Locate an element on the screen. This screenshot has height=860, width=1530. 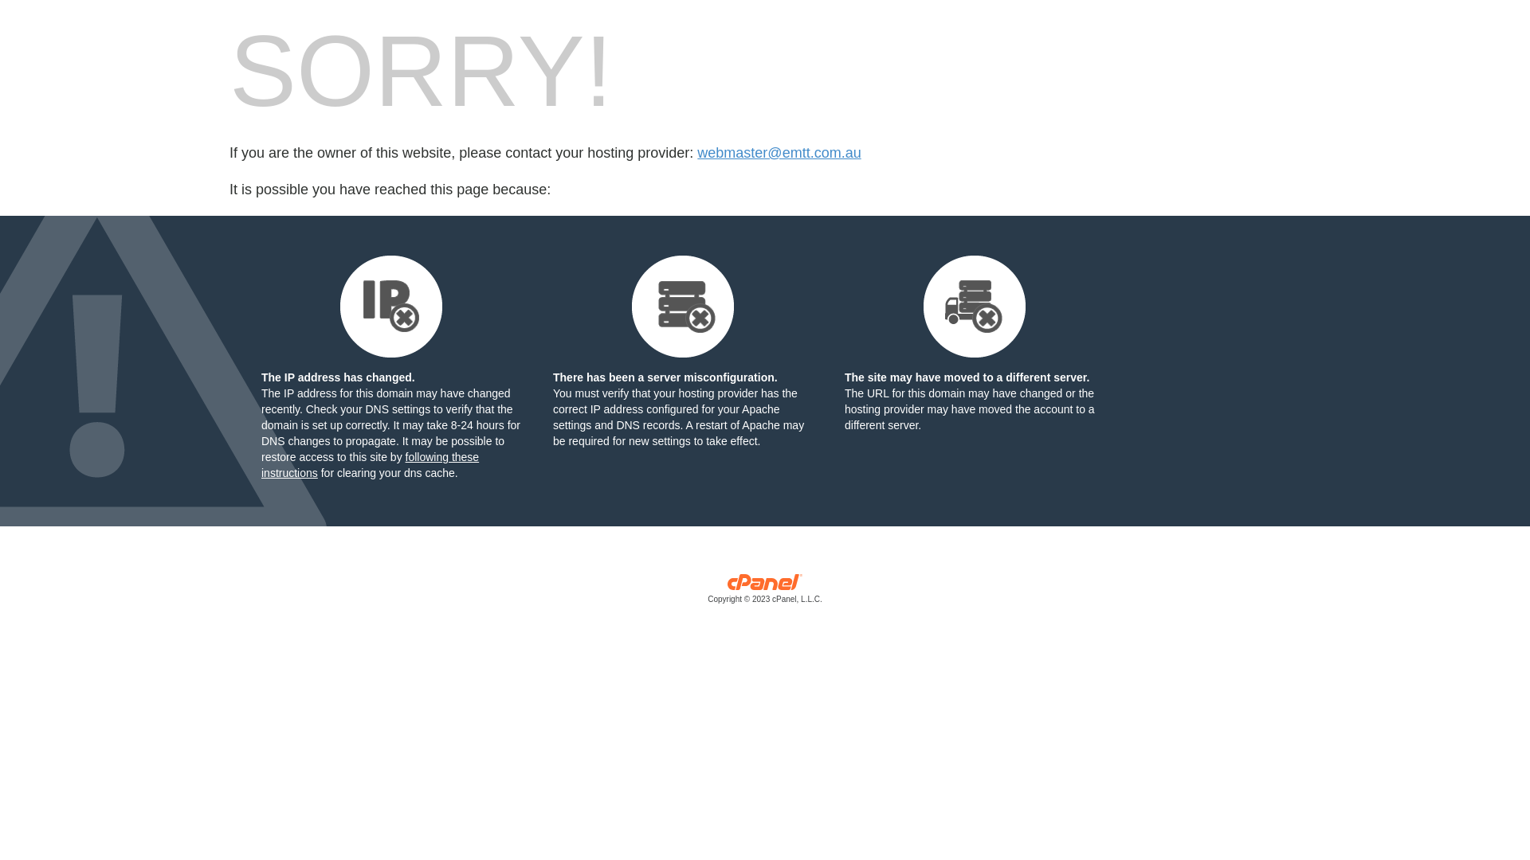
'following these instructions' is located at coordinates (369, 464).